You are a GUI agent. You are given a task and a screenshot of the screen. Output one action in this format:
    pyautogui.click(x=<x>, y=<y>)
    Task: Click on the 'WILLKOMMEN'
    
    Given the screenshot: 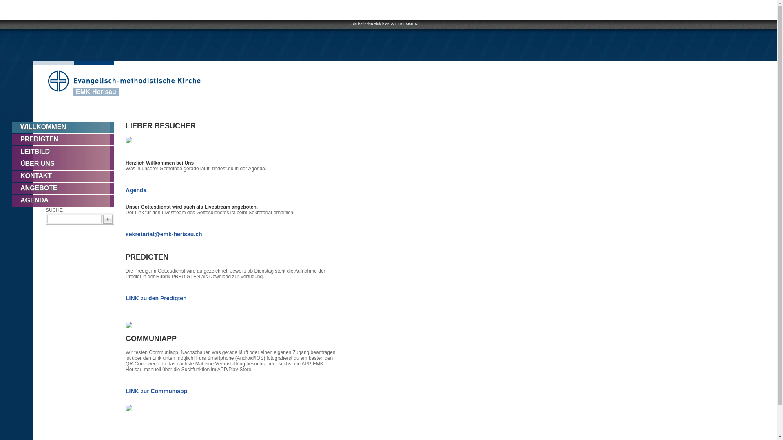 What is the action you would take?
    pyautogui.click(x=66, y=127)
    